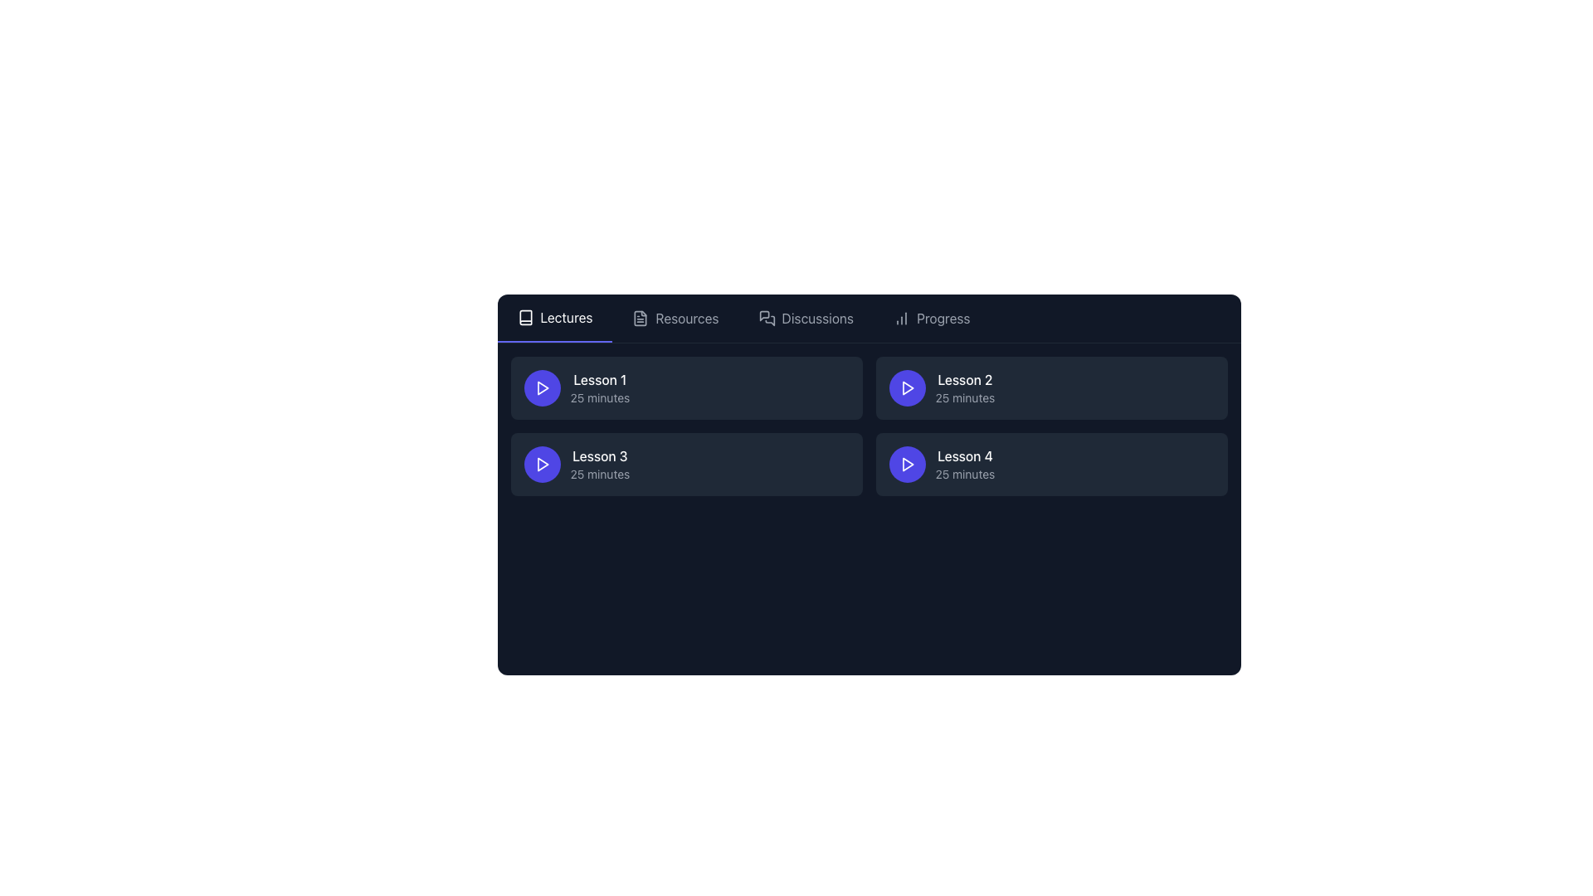  I want to click on the play icon located in the bottom-right cell of the grid for the fourth lesson in the 'Lectures' section, so click(907, 464).